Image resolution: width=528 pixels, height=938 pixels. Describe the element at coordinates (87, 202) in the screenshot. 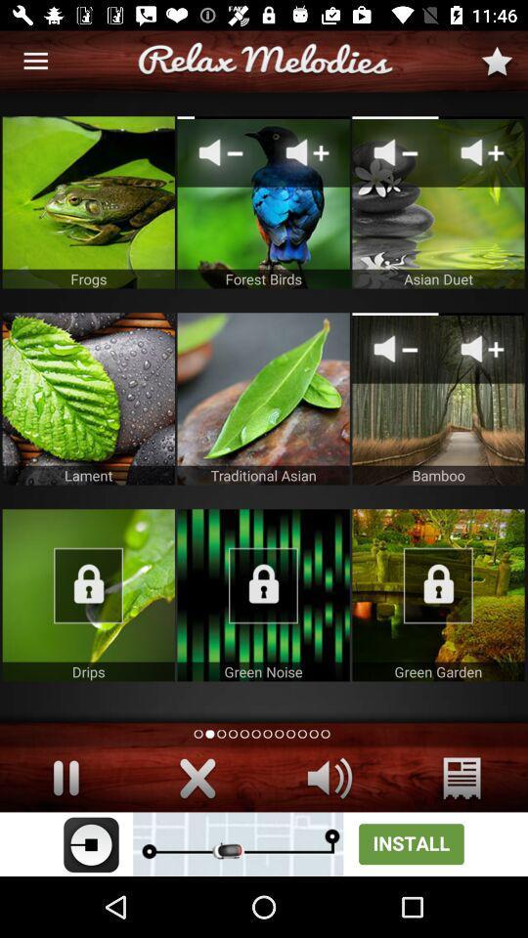

I see `choose frogs category` at that location.